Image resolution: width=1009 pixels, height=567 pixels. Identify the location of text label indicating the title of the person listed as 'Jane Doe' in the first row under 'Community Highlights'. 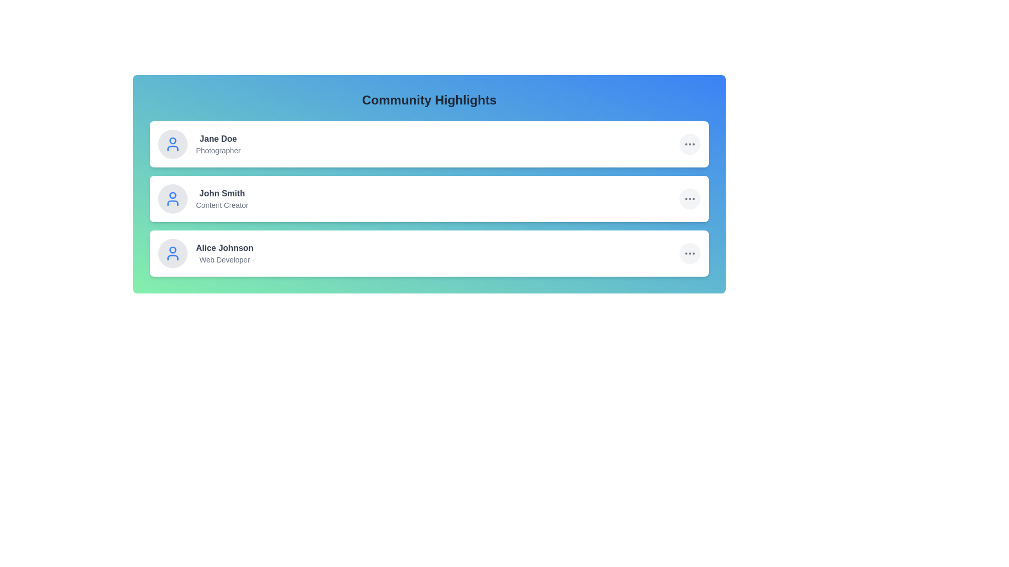
(218, 150).